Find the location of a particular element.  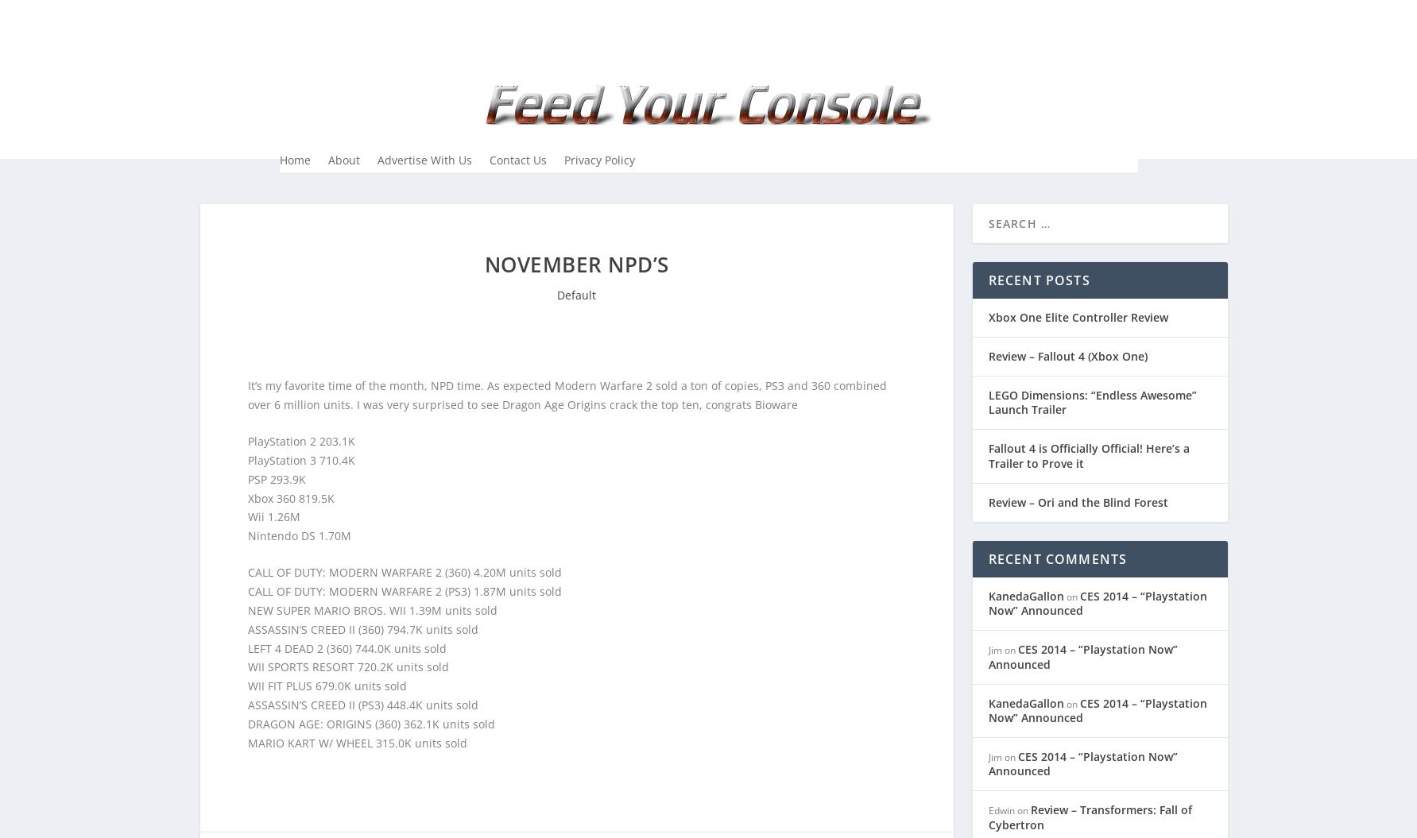

'About' is located at coordinates (343, 158).